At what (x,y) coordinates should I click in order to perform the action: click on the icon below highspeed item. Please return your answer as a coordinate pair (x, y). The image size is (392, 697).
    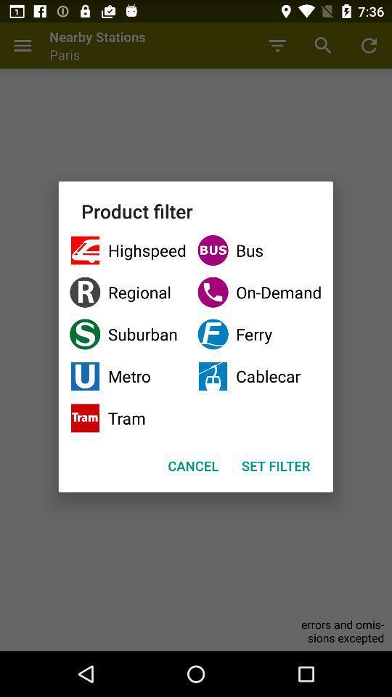
    Looking at the image, I should click on (128, 291).